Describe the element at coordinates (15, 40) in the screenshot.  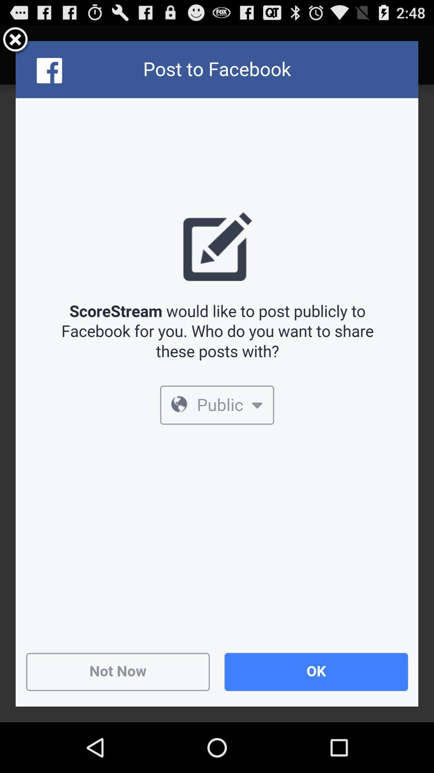
I see `scree` at that location.